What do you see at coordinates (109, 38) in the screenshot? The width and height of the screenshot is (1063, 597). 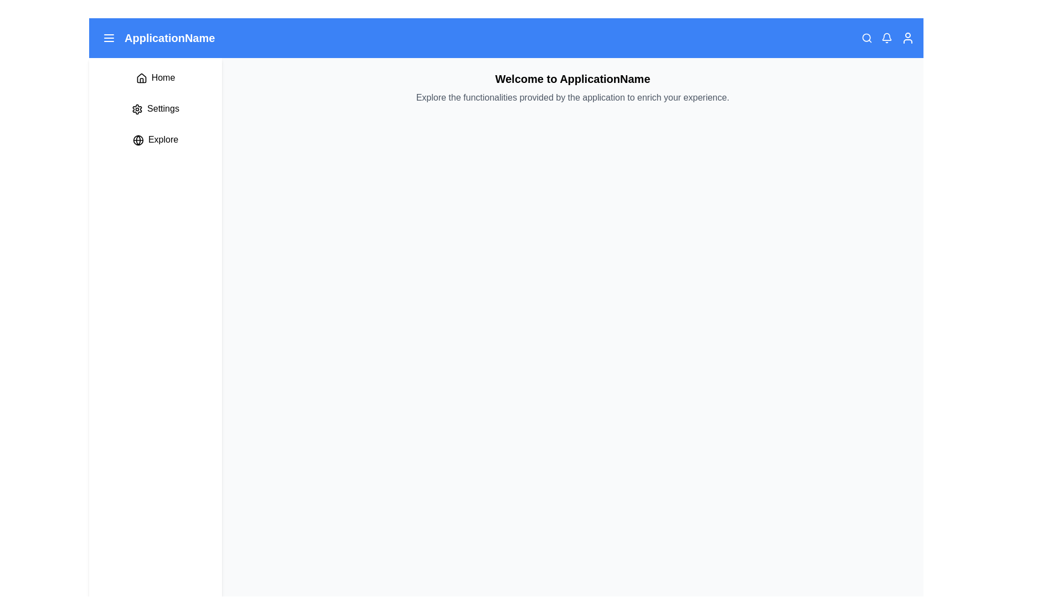 I see `the menu icon located in the blue navigation bar, positioned to the left of 'ApplicationName'` at bounding box center [109, 38].